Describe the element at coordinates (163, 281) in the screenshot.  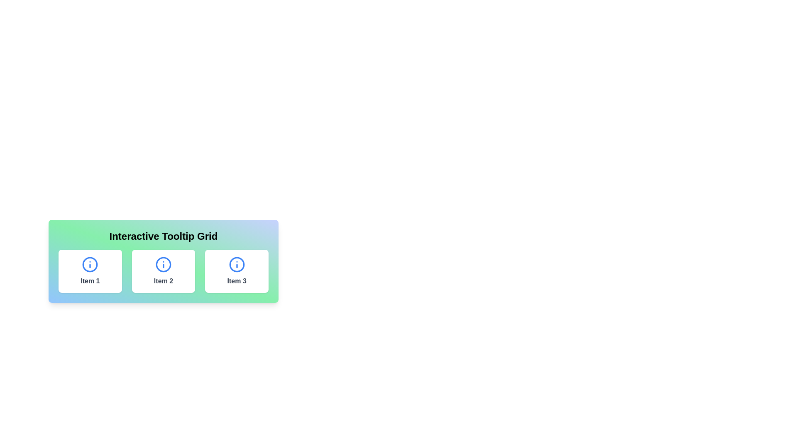
I see `the text label located at the bottom center of the middle white card in the Interactive Tooltip Grid, which provides contextual information about the card's content` at that location.